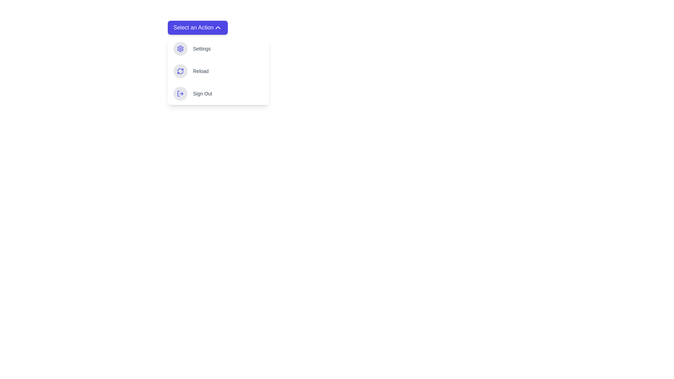 This screenshot has width=674, height=379. What do you see at coordinates (180, 48) in the screenshot?
I see `the circular Icon Button with a light gray background and dark indigo gear icon, located to the left of the 'Settings' menu item` at bounding box center [180, 48].